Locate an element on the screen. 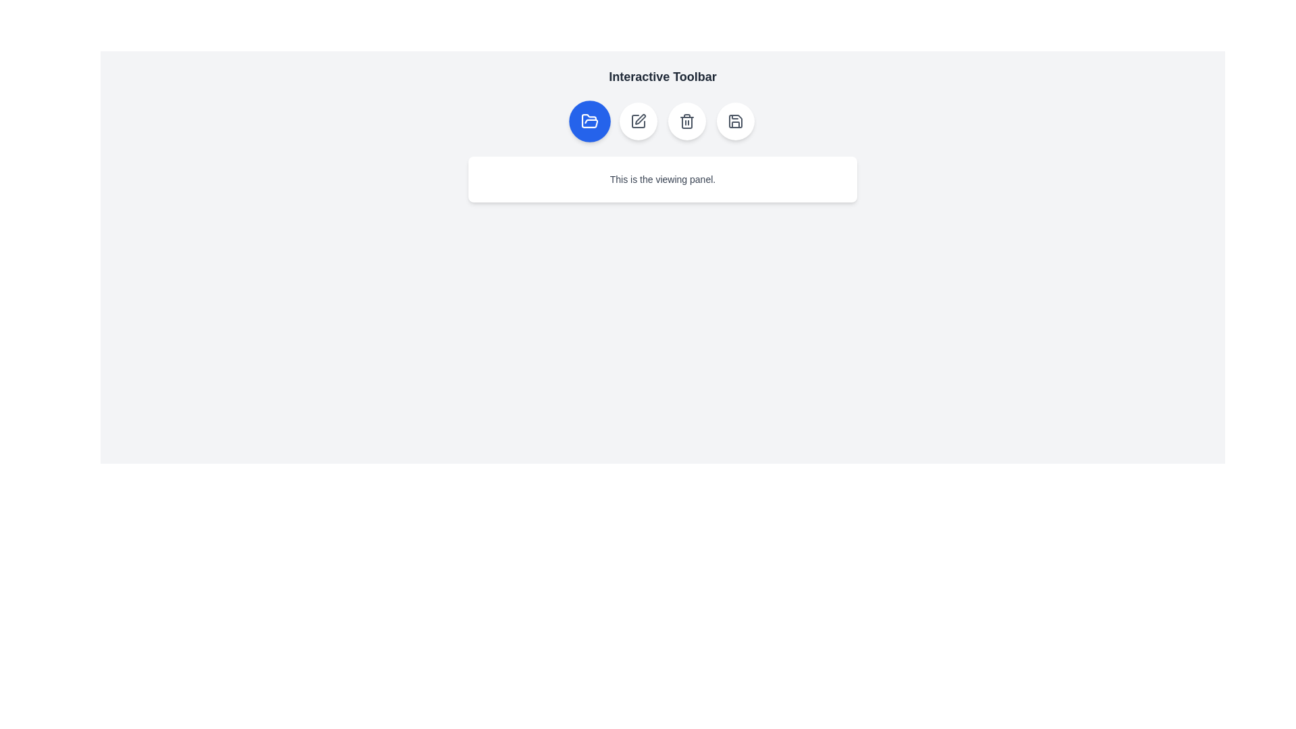 This screenshot has width=1296, height=729. the second button in the horizontal row at the top-center of the interface is located at coordinates (637, 122).